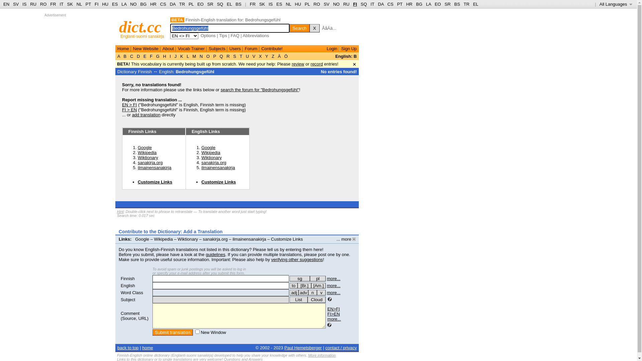  What do you see at coordinates (255, 35) in the screenshot?
I see `'Abbreviations'` at bounding box center [255, 35].